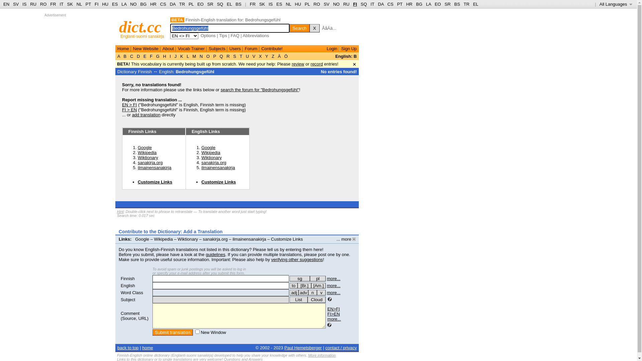  What do you see at coordinates (255, 35) in the screenshot?
I see `'Abbreviations'` at bounding box center [255, 35].